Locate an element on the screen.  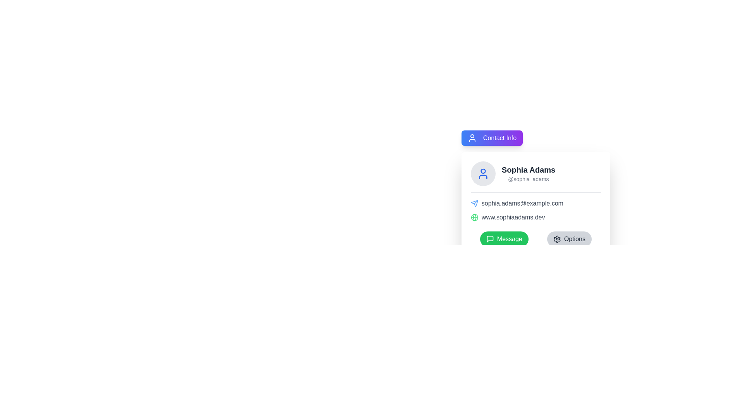
the user profile icon located at the top-left section of the card's profile area, which is visually represented as a circular icon is located at coordinates (482, 173).